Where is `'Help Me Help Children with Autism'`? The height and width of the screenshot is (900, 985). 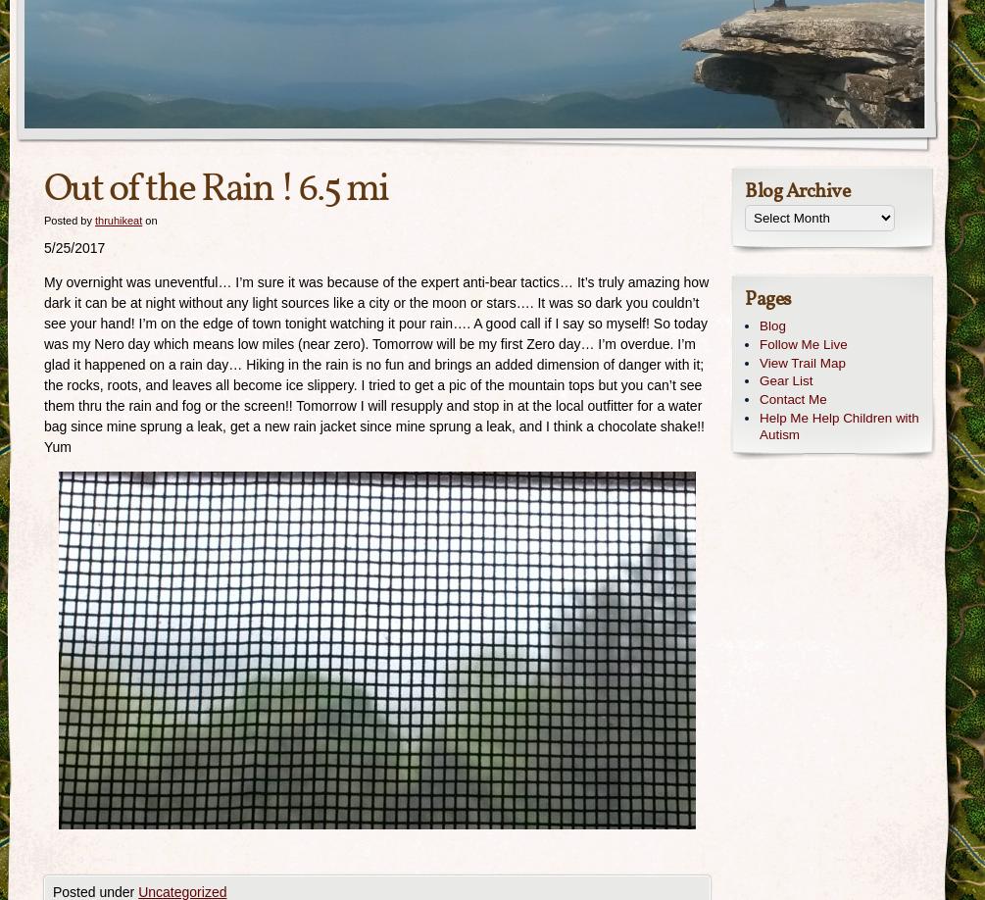
'Help Me Help Children with Autism' is located at coordinates (837, 425).